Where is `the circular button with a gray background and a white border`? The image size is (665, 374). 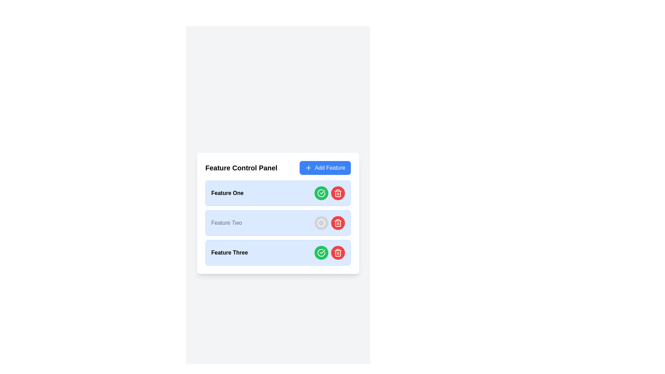
the circular button with a gray background and a white border is located at coordinates (321, 223).